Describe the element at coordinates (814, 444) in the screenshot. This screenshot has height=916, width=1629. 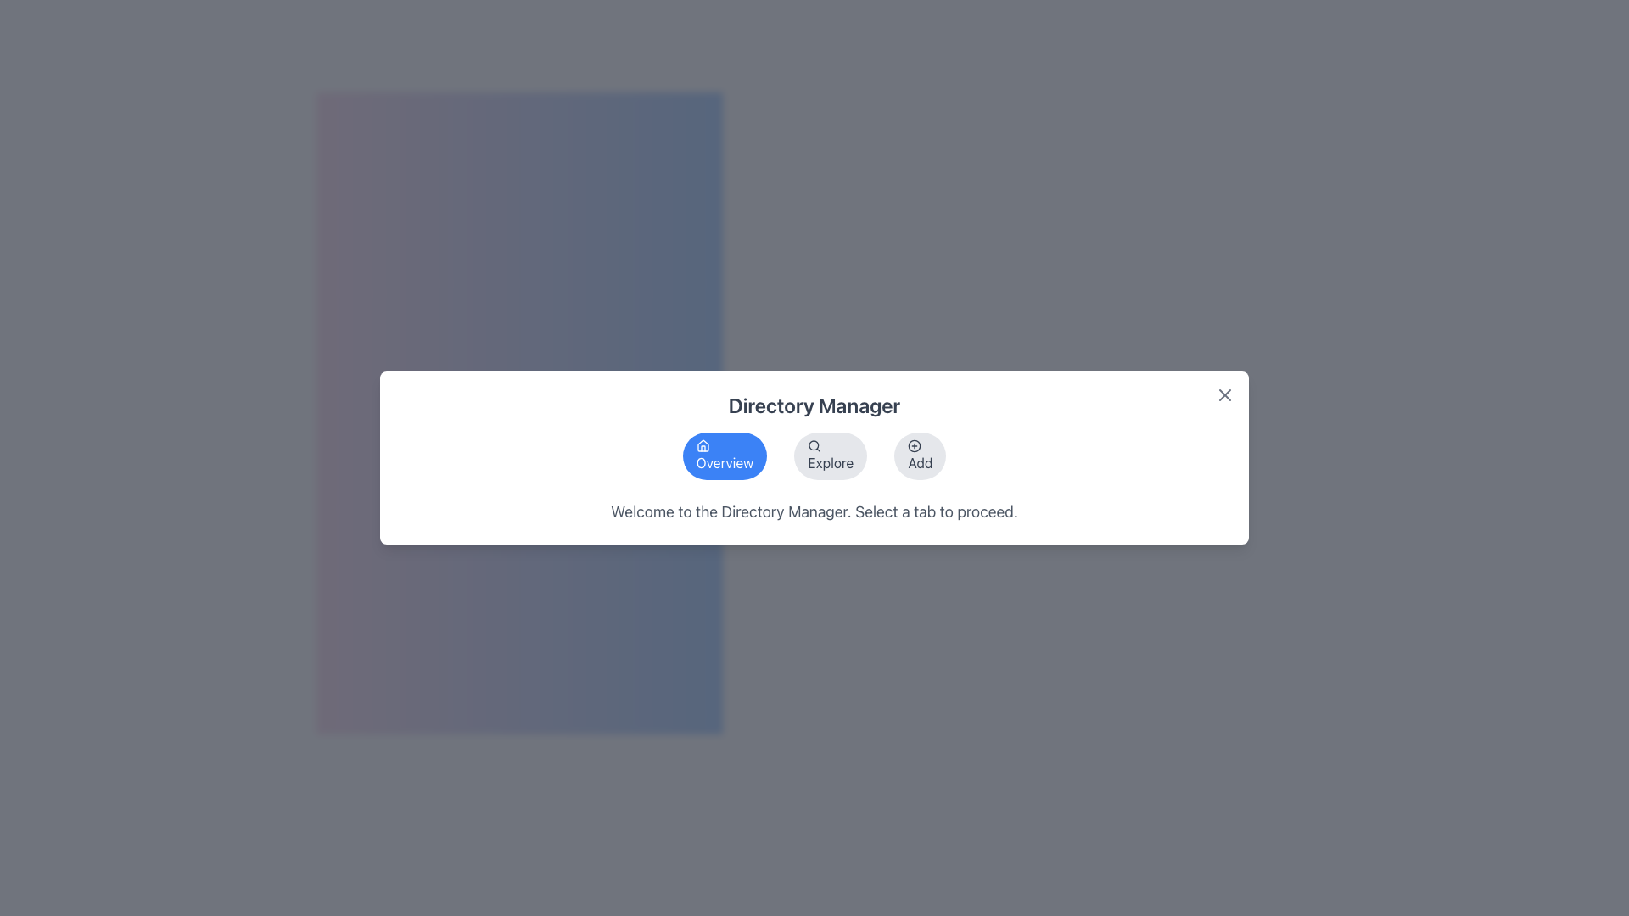
I see `the 'Explore' icon located to the left of the text 'Explore' in the rounded rectangle button within the navigation bar under 'Directory Manager'` at that location.